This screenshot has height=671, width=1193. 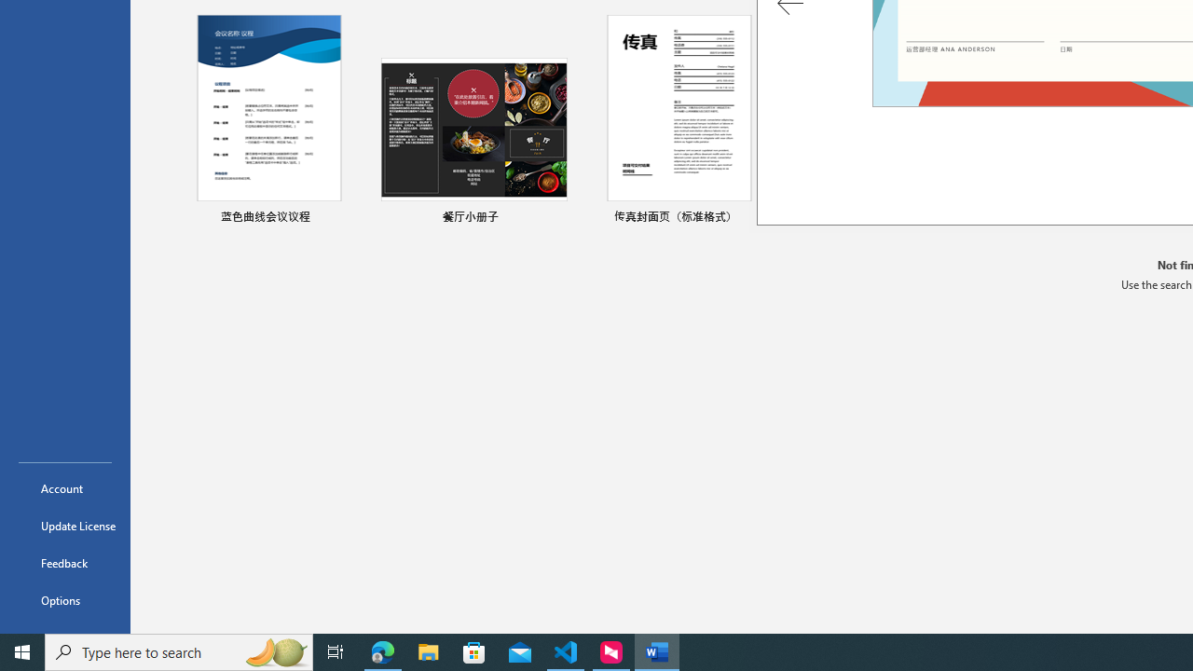 What do you see at coordinates (64, 600) in the screenshot?
I see `'Options'` at bounding box center [64, 600].